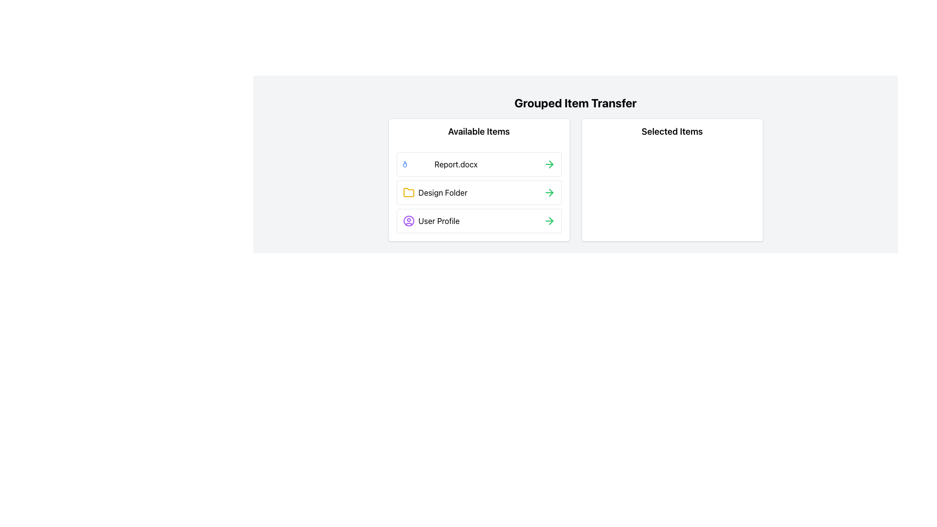 The height and width of the screenshot is (527, 937). What do you see at coordinates (408, 192) in the screenshot?
I see `the yellow folder icon adjacent to the text 'Design Folder' located in the left panel under 'Available Items'` at bounding box center [408, 192].